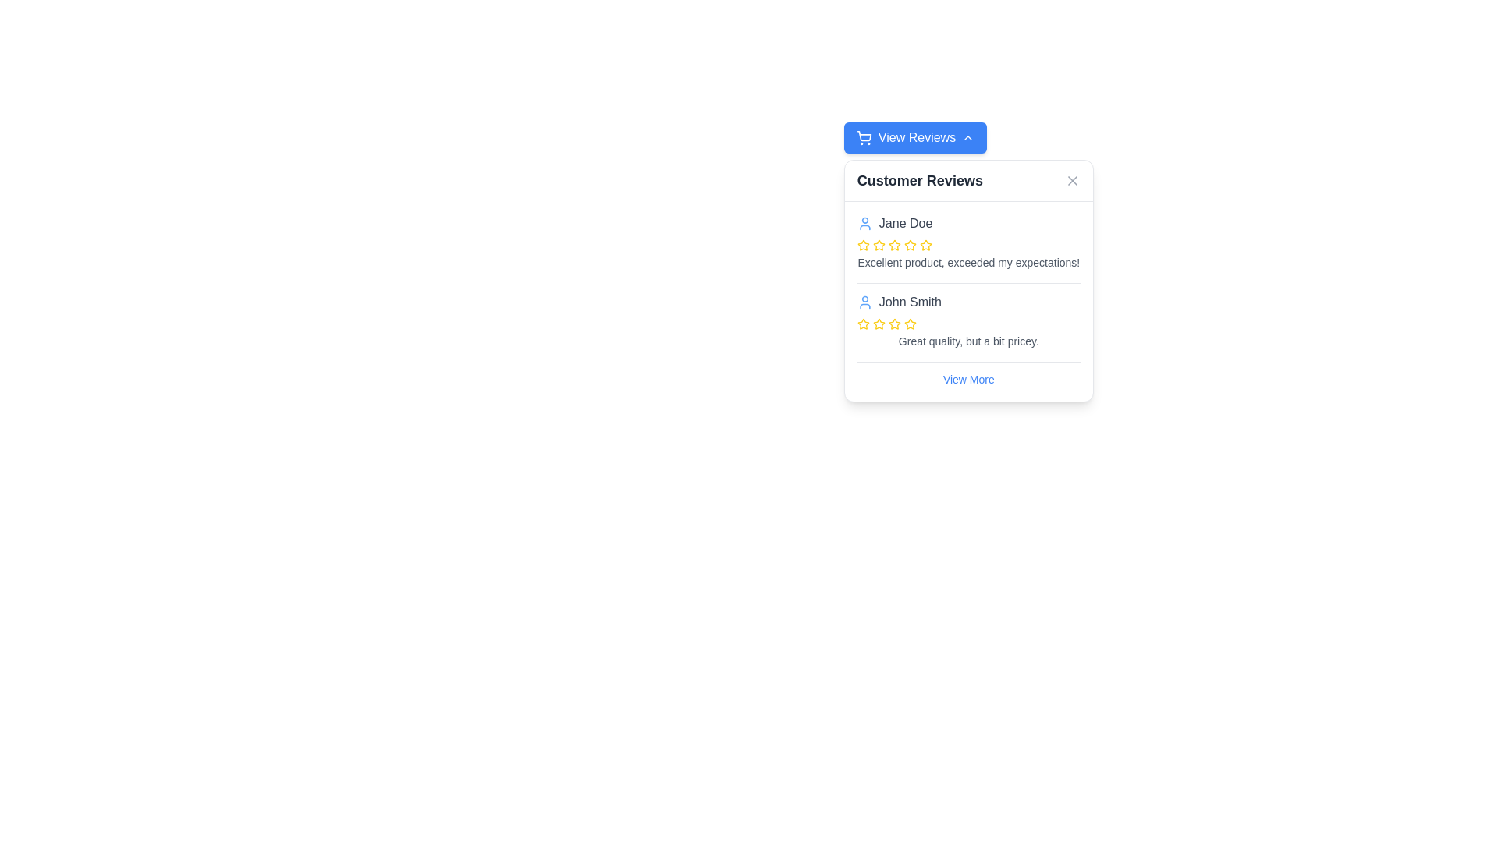 The height and width of the screenshot is (842, 1498). What do you see at coordinates (967, 137) in the screenshot?
I see `the icon positioned at the far right edge of the 'View Reviews' button, indicating further options are accessible` at bounding box center [967, 137].